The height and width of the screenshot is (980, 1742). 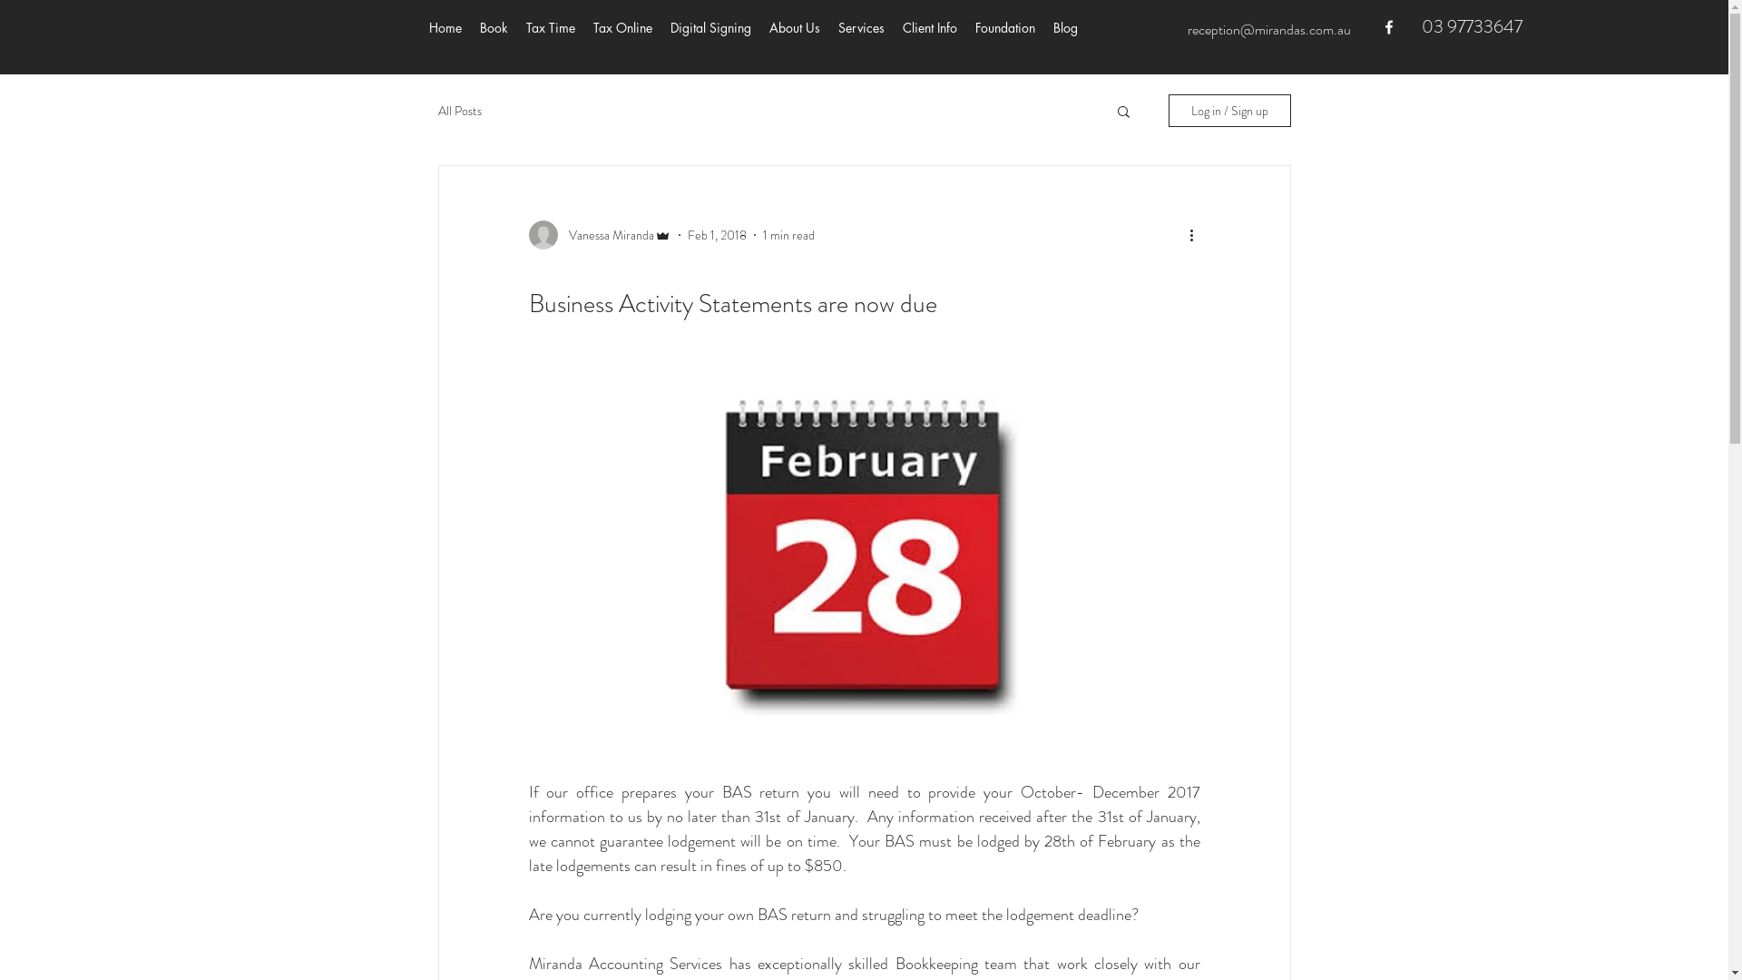 I want to click on 'Tax Time', so click(x=549, y=27).